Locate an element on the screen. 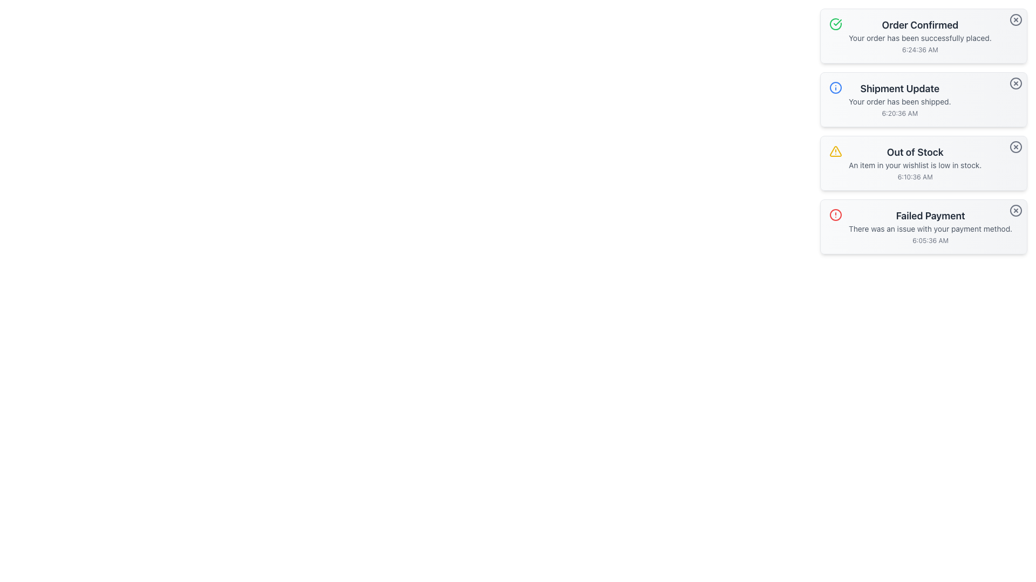 This screenshot has height=582, width=1036. the circular component of the cross (X) icon is located at coordinates (1015, 82).